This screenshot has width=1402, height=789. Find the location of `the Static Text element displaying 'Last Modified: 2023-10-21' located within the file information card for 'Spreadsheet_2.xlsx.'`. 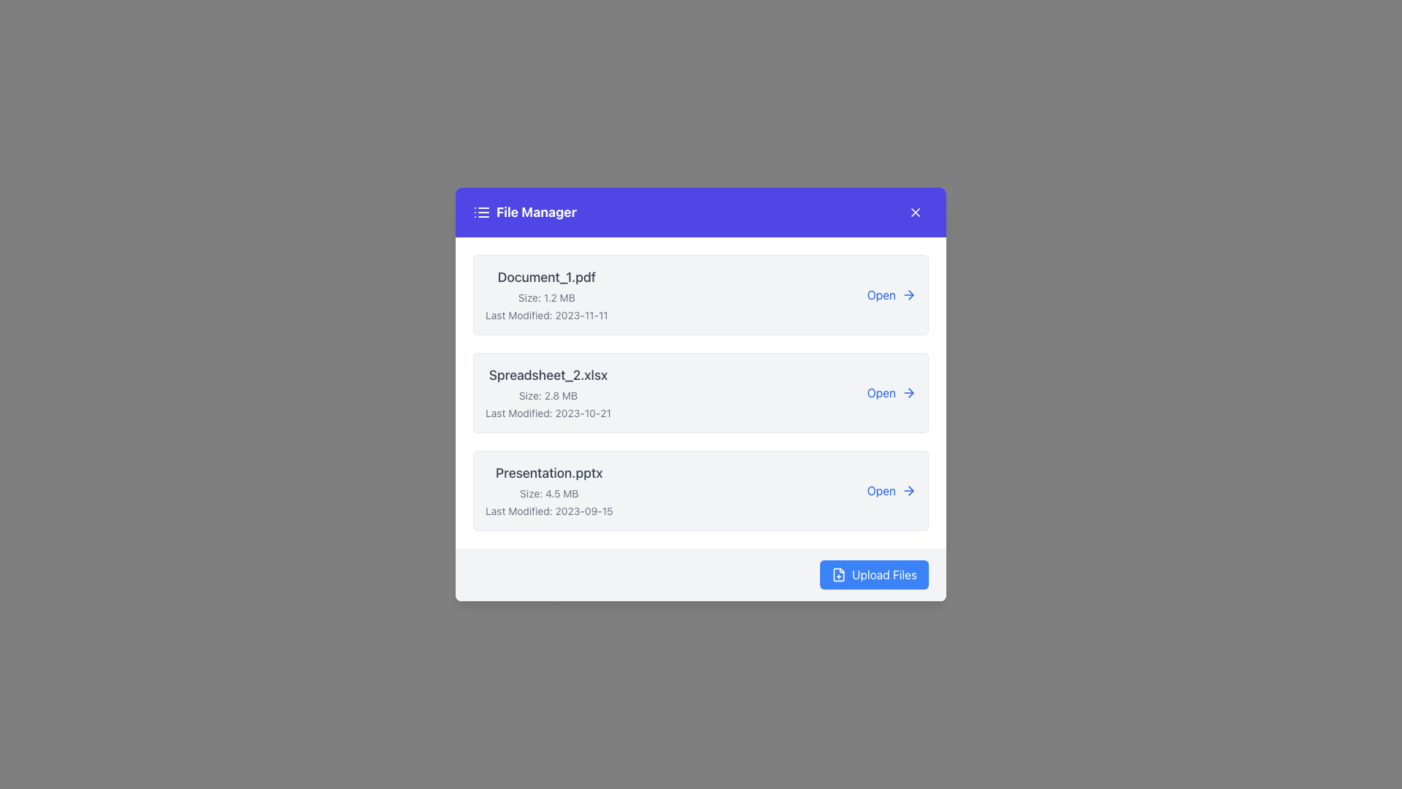

the Static Text element displaying 'Last Modified: 2023-10-21' located within the file information card for 'Spreadsheet_2.xlsx.' is located at coordinates (547, 413).